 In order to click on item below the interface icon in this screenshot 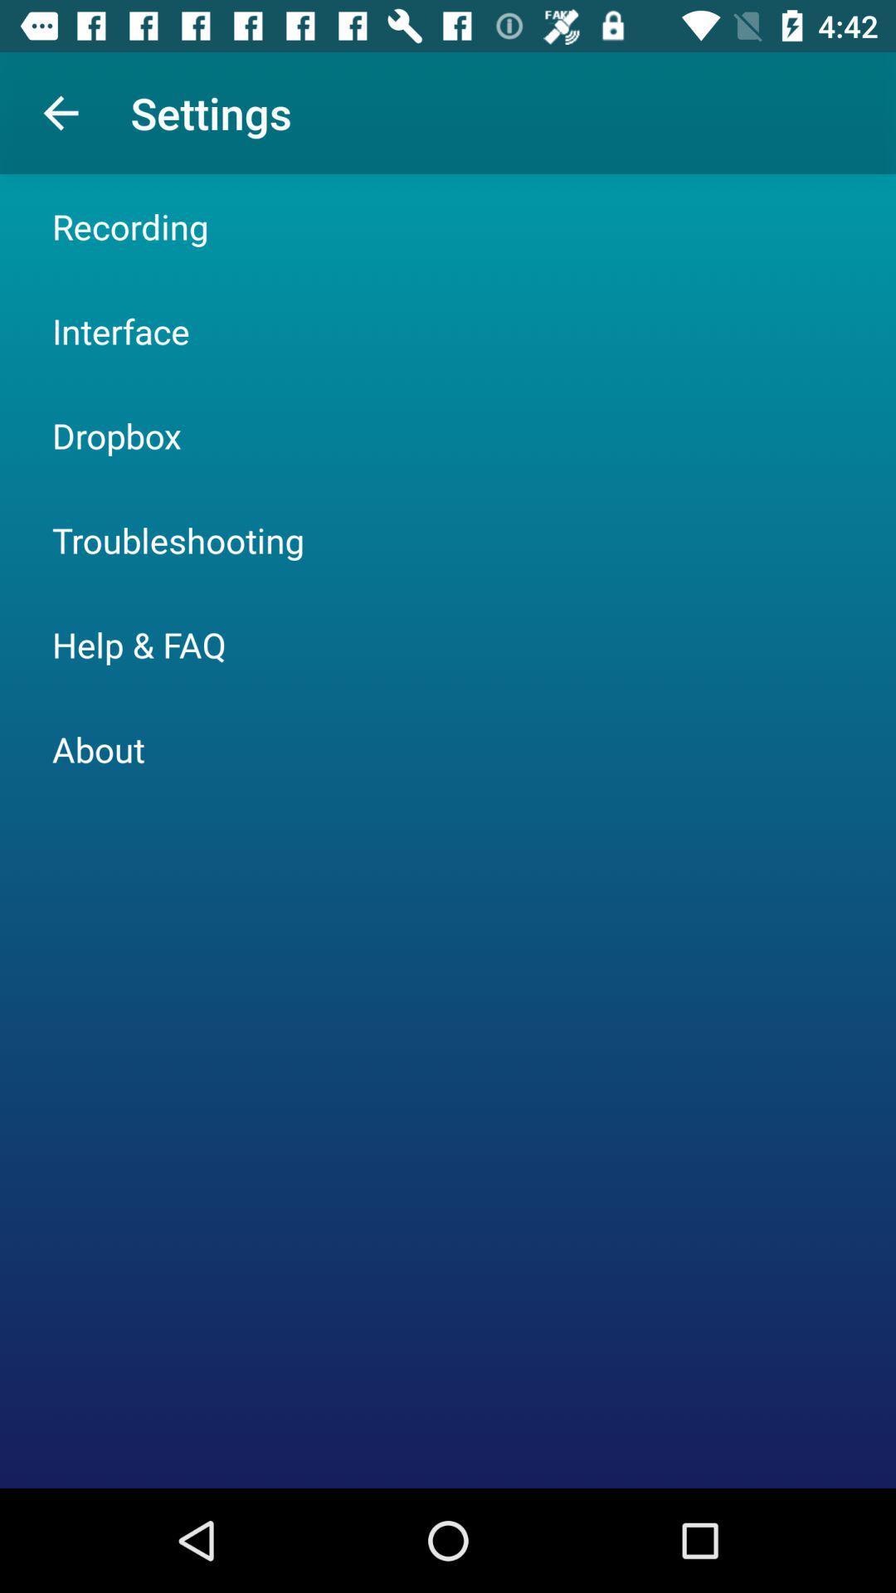, I will do `click(116, 435)`.